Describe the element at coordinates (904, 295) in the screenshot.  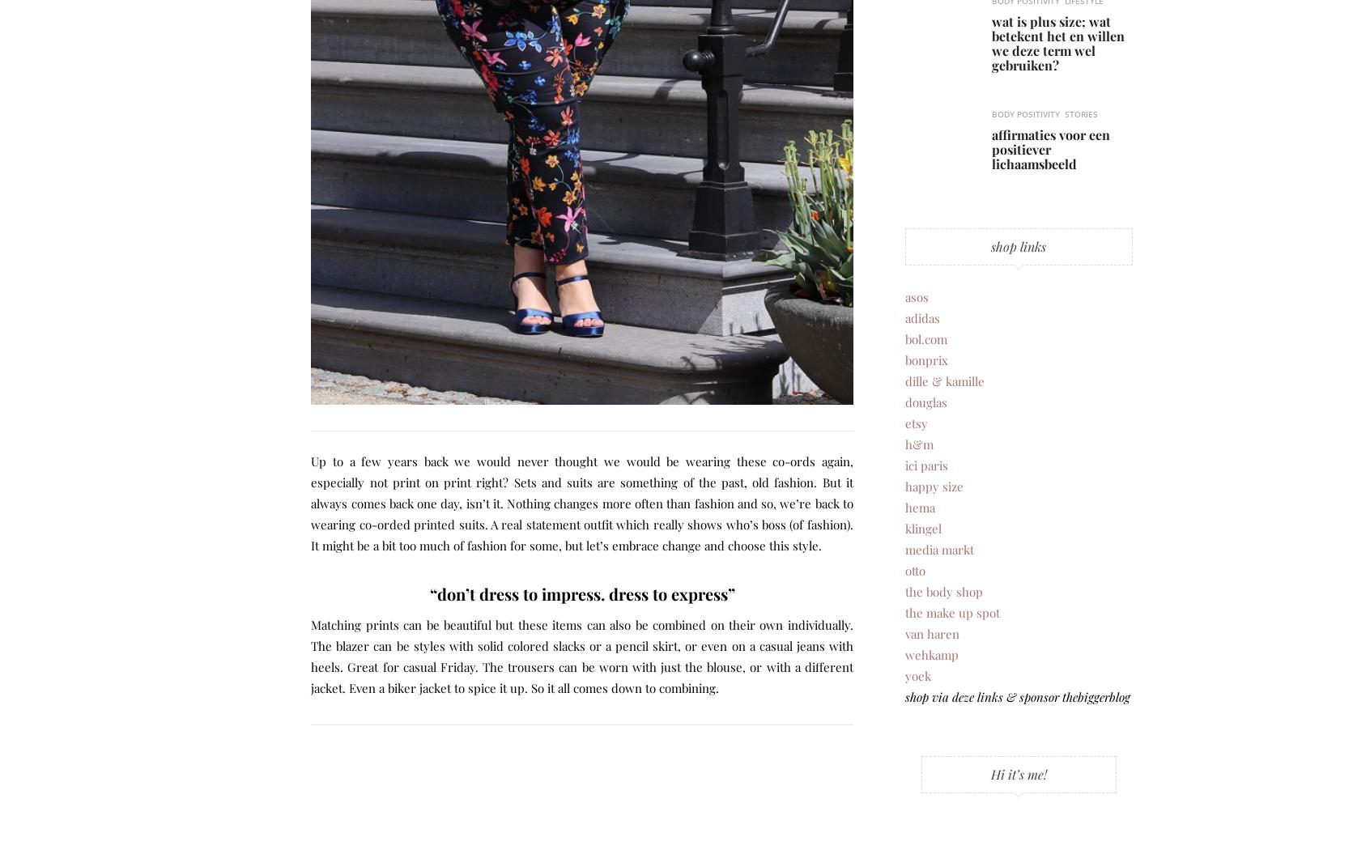
I see `'asos'` at that location.